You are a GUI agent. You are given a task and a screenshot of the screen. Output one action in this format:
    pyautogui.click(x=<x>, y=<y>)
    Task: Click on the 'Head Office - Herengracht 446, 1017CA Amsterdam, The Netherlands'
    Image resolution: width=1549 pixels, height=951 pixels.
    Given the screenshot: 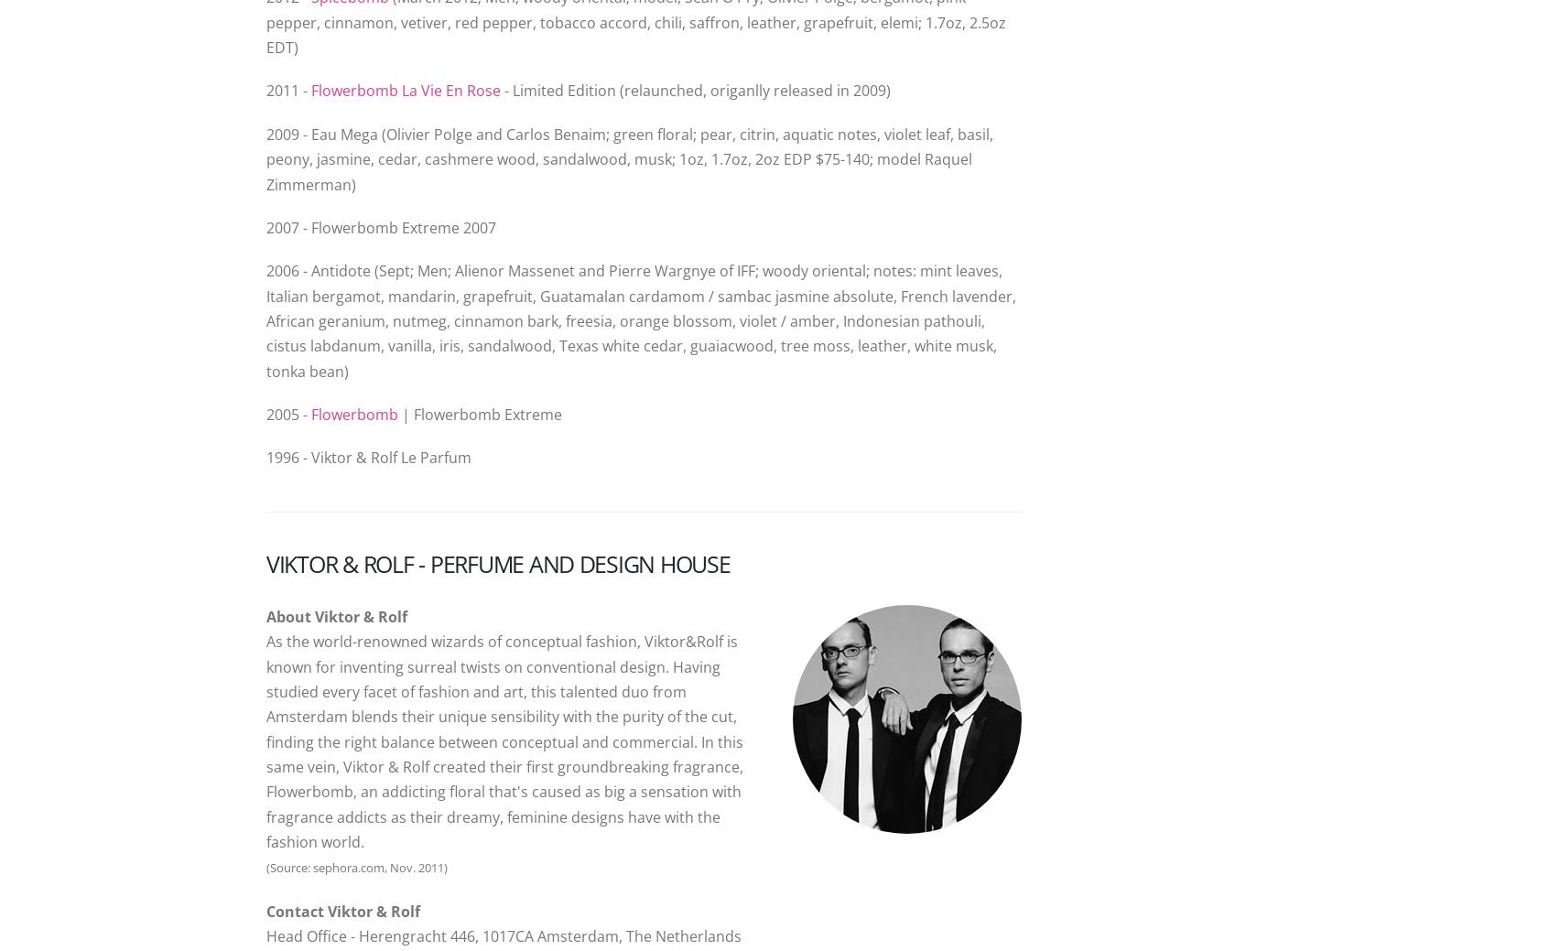 What is the action you would take?
    pyautogui.click(x=504, y=935)
    